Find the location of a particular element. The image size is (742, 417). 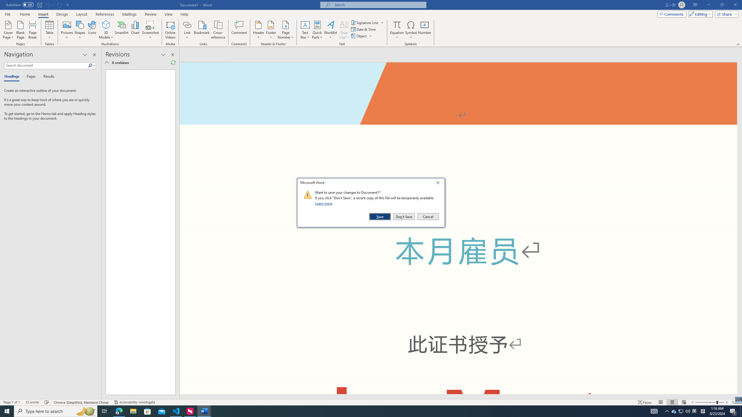

'Show desktop' is located at coordinates (741, 411).